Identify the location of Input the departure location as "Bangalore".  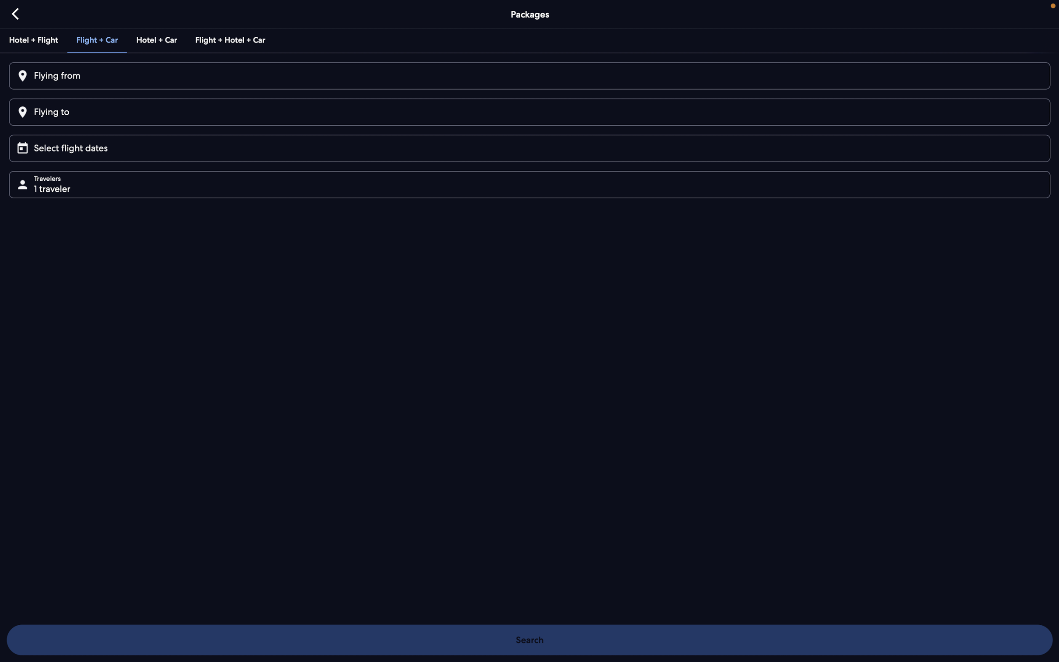
(528, 76).